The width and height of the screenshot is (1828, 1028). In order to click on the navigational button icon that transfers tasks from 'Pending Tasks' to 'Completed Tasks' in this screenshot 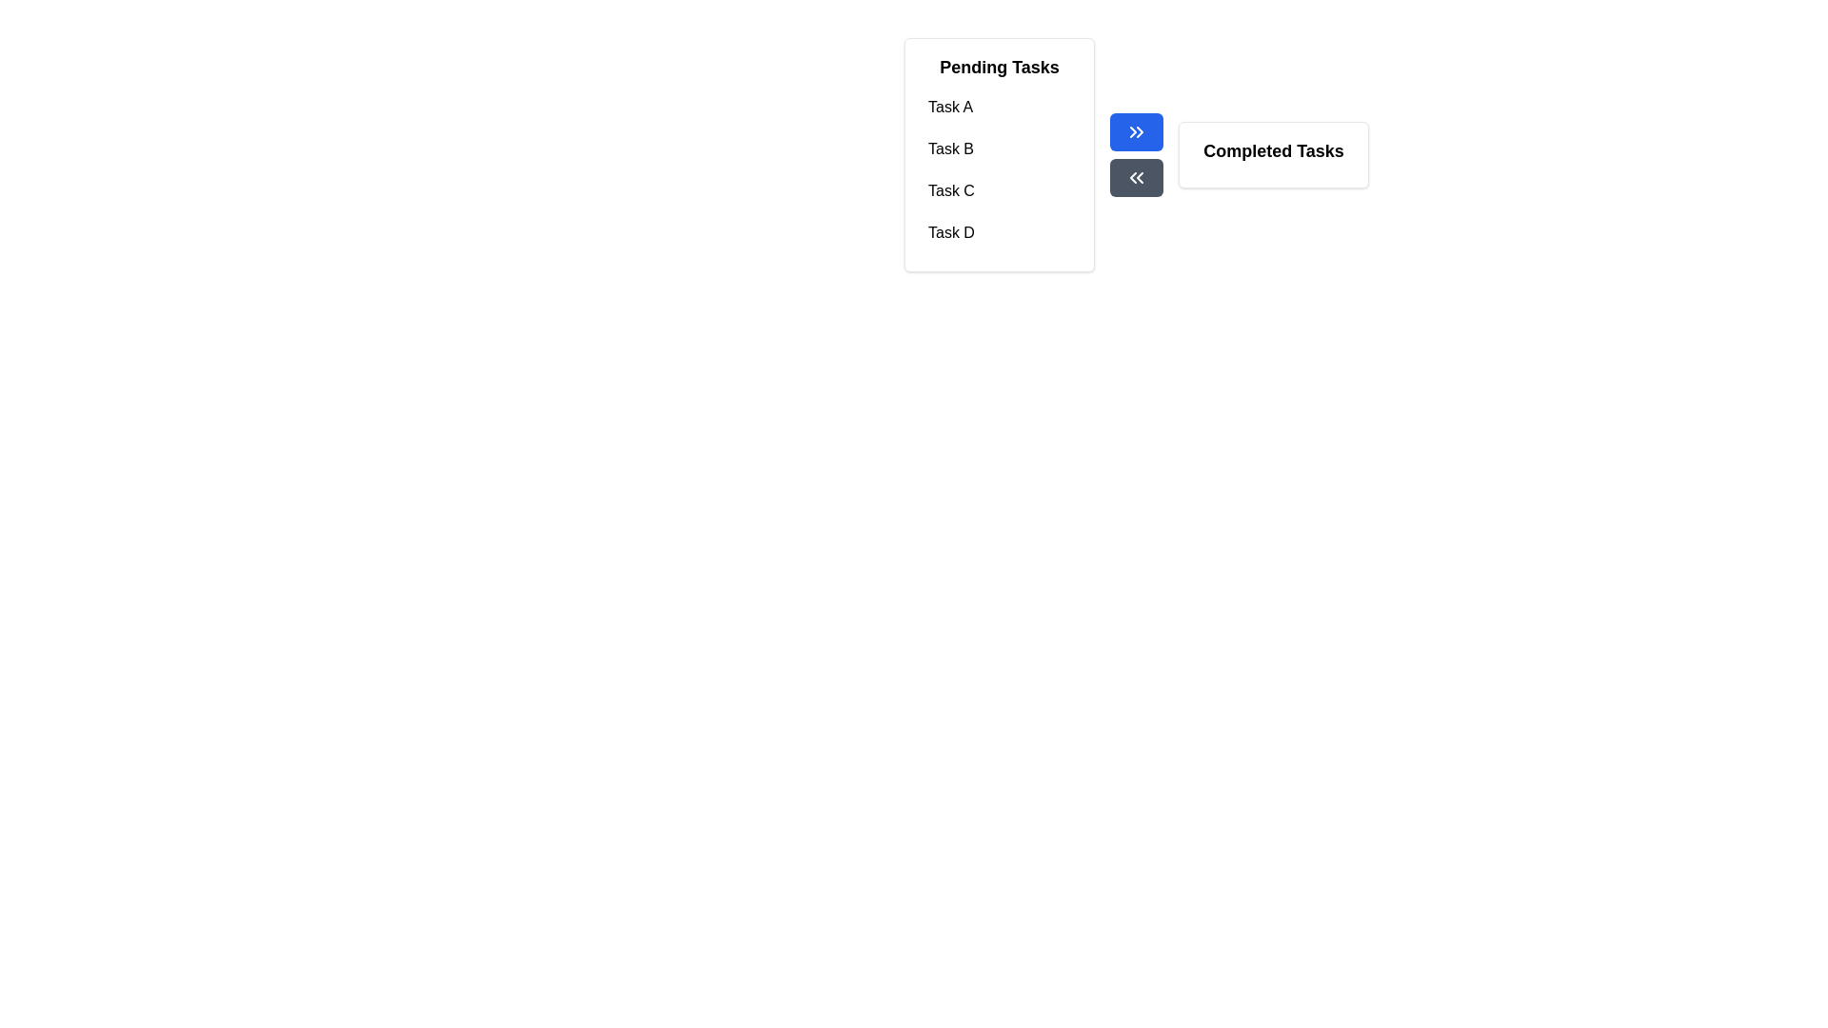, I will do `click(1137, 130)`.